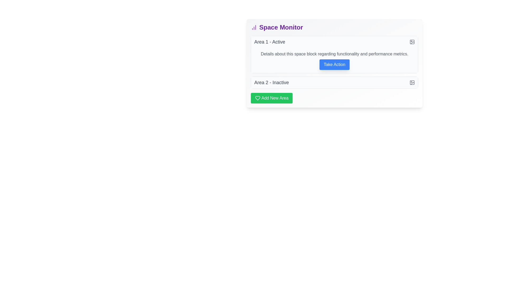 Image resolution: width=507 pixels, height=285 pixels. Describe the element at coordinates (412, 82) in the screenshot. I see `the small gray icon resembling a framed picture with a circle at its corner and a diagonal line, located at the right-hand side of the row labeled 'Area 2 - Inactive.'` at that location.